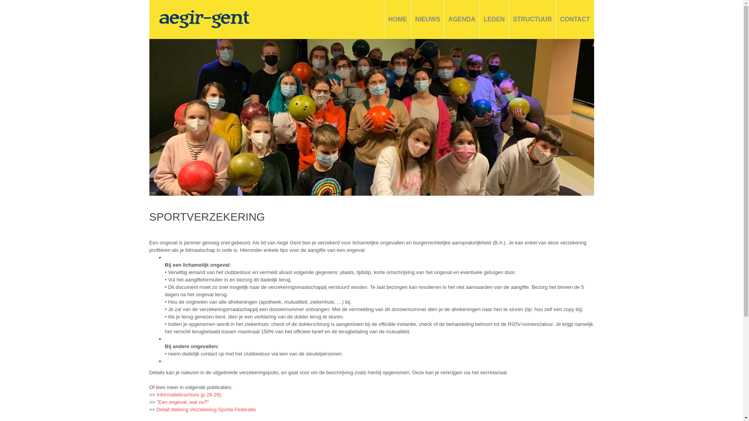  I want to click on 'LEDEN', so click(483, 19).